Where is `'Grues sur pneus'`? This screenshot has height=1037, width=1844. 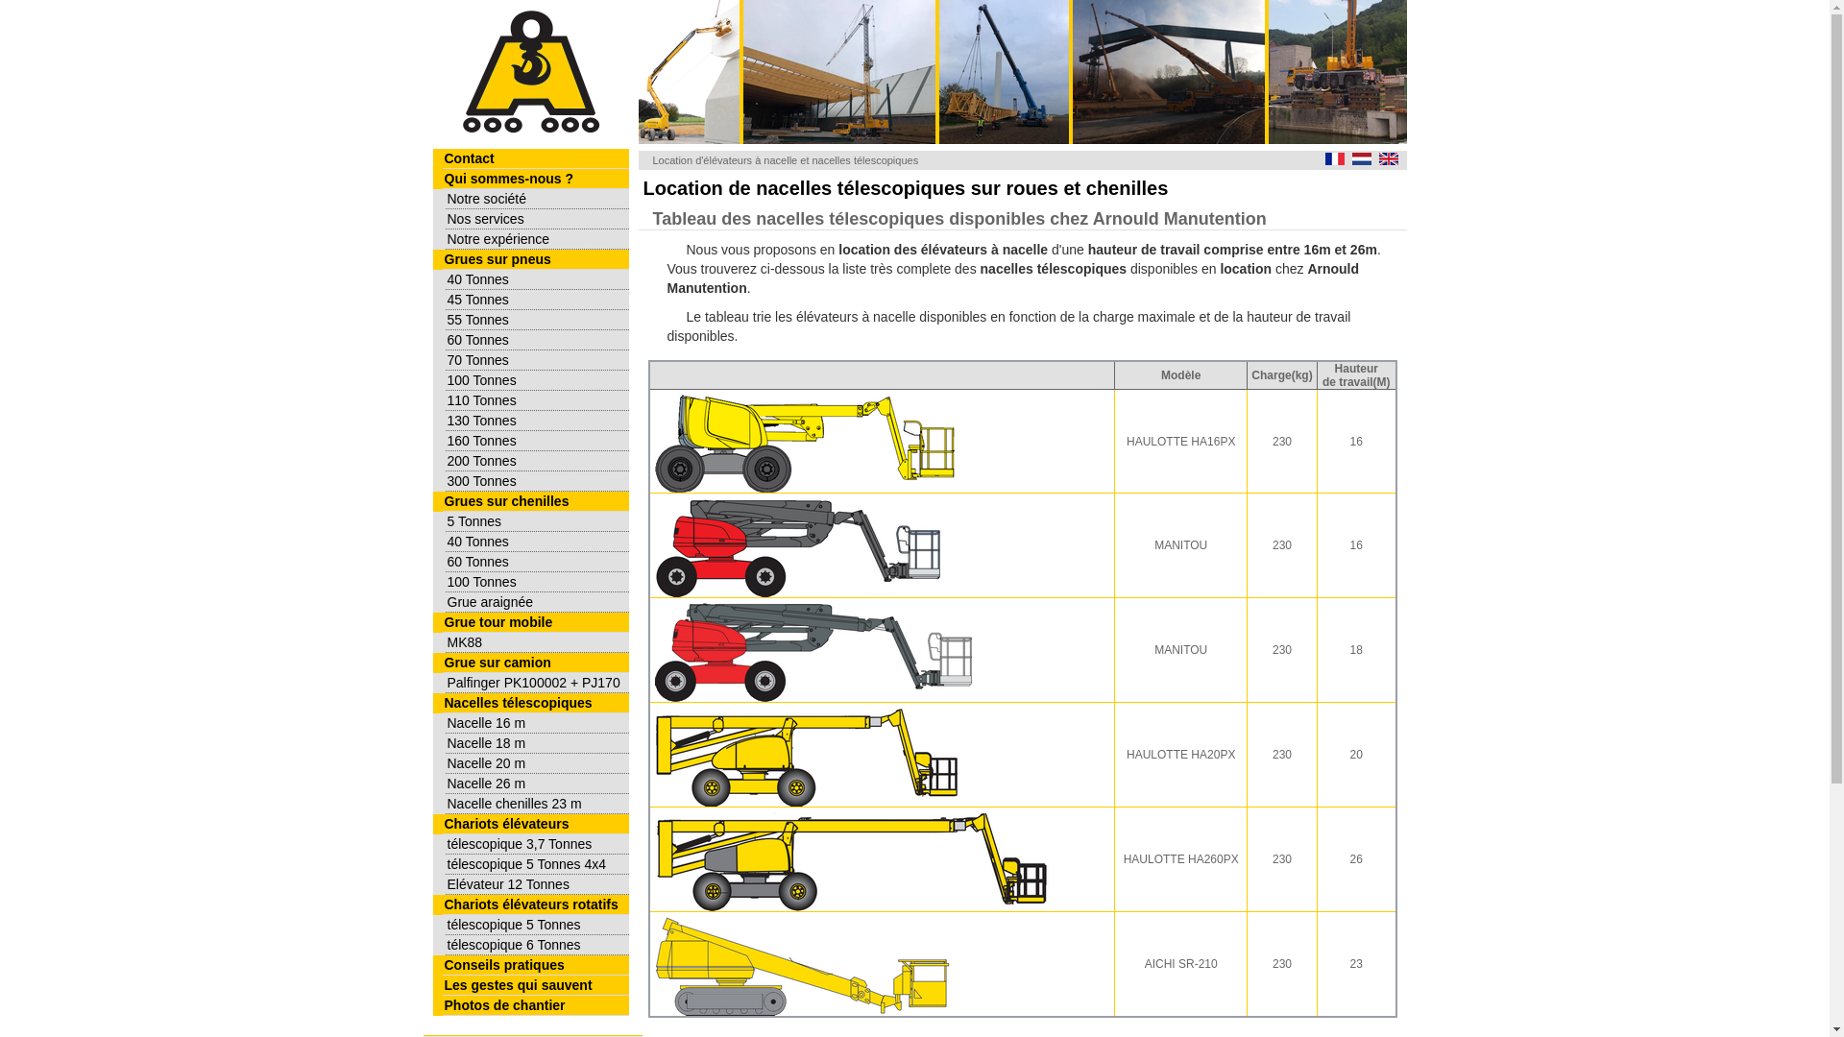
'Grues sur pneus' is located at coordinates (534, 259).